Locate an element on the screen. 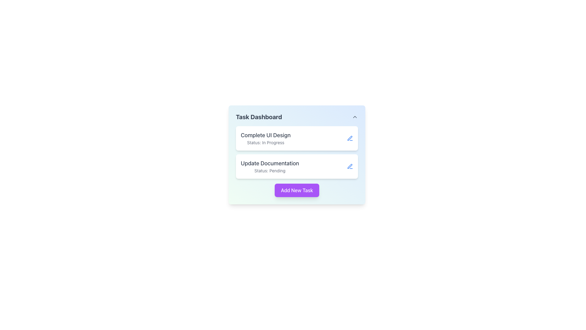 The width and height of the screenshot is (586, 330). the collapsible toggle button located in the upper-right corner of the 'Task Dashboard' header to observe styling changes is located at coordinates (355, 117).